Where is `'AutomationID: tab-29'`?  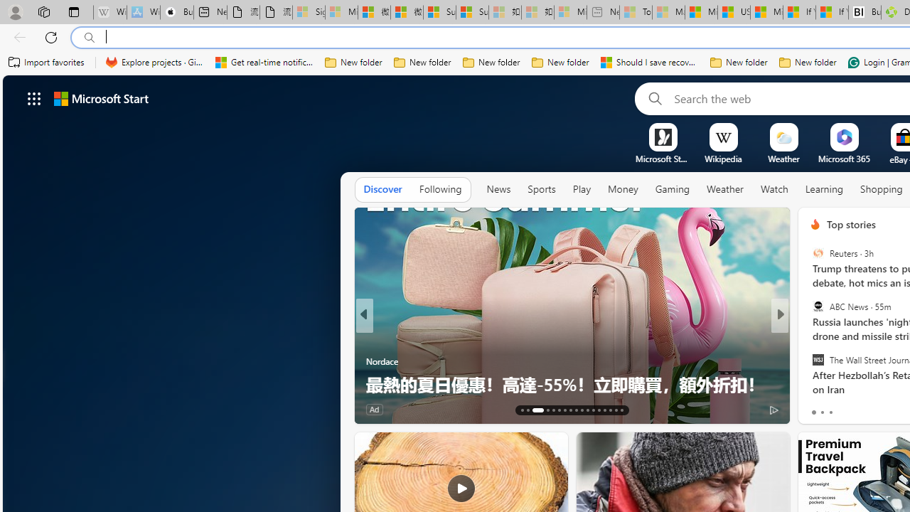
'AutomationID: tab-29' is located at coordinates (621, 410).